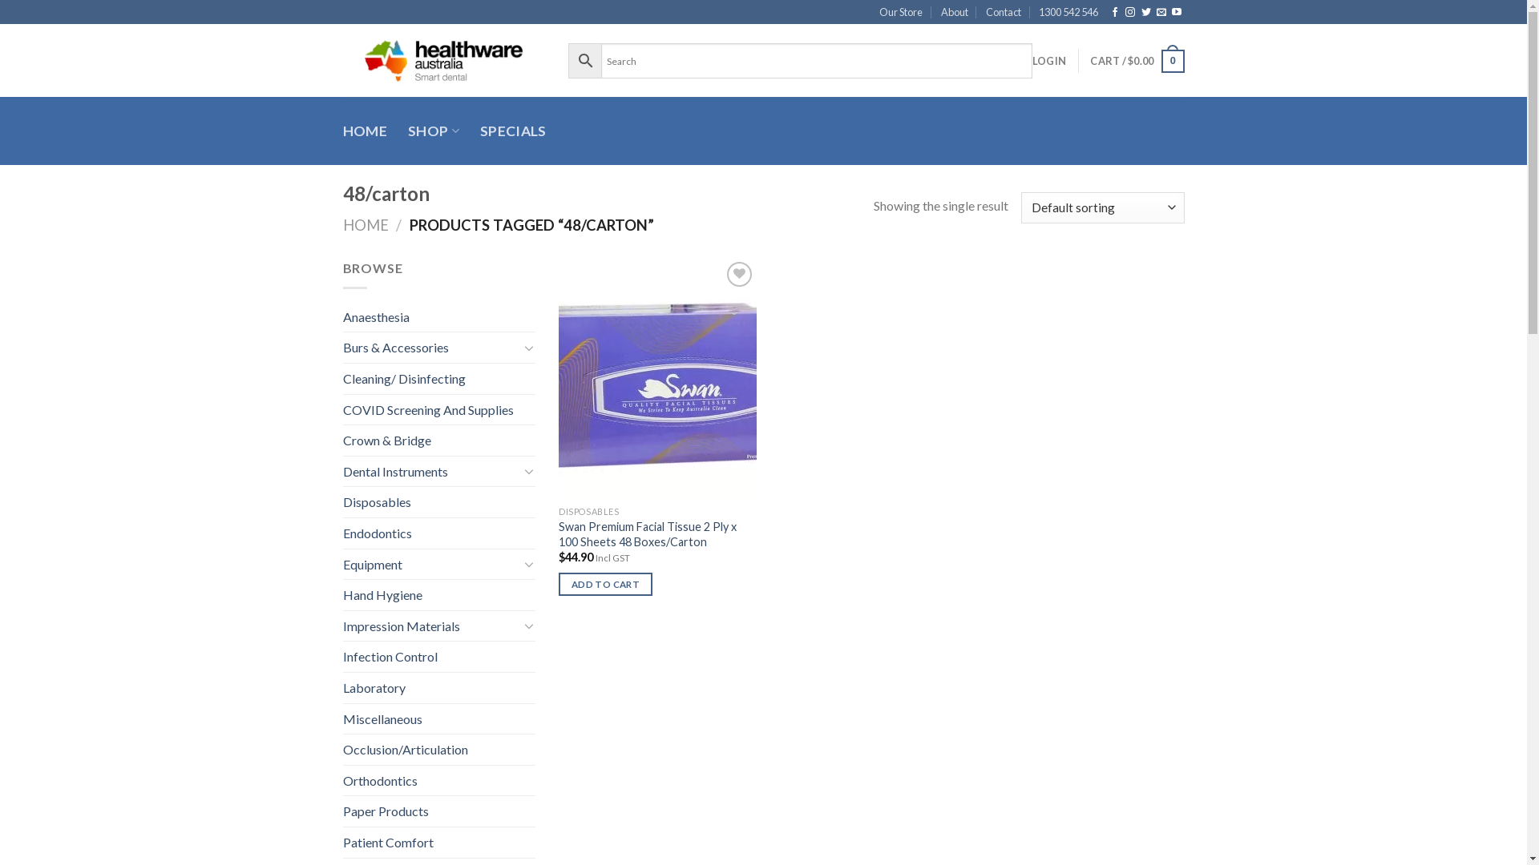 This screenshot has width=1539, height=865. What do you see at coordinates (341, 780) in the screenshot?
I see `'Orthodontics'` at bounding box center [341, 780].